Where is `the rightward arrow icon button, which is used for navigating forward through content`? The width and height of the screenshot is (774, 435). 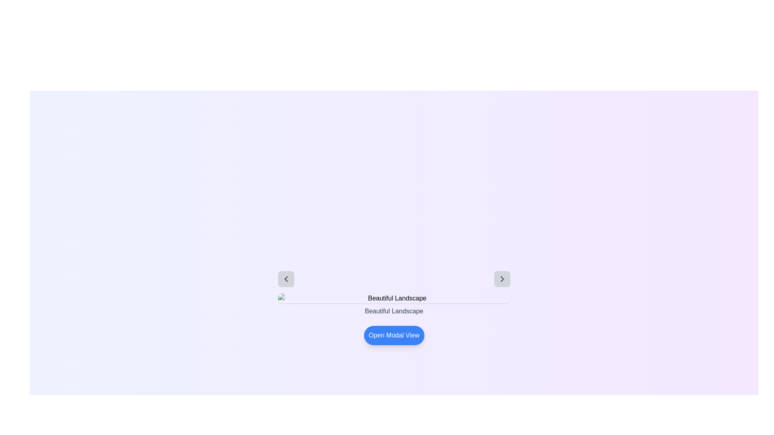
the rightward arrow icon button, which is used for navigating forward through content is located at coordinates (501, 279).